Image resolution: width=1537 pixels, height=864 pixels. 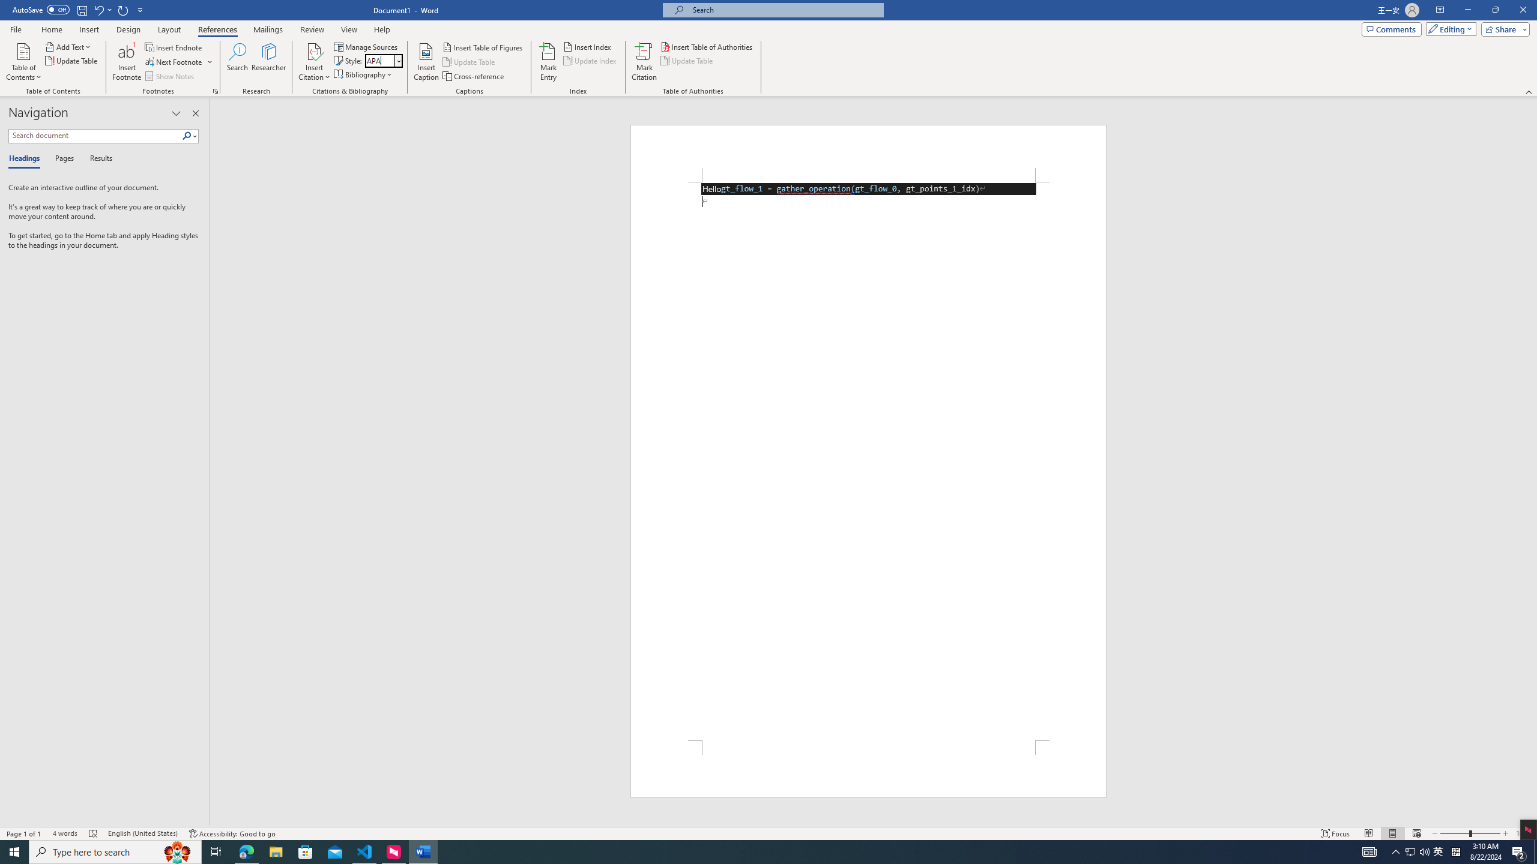 I want to click on 'Insert Citation', so click(x=313, y=62).